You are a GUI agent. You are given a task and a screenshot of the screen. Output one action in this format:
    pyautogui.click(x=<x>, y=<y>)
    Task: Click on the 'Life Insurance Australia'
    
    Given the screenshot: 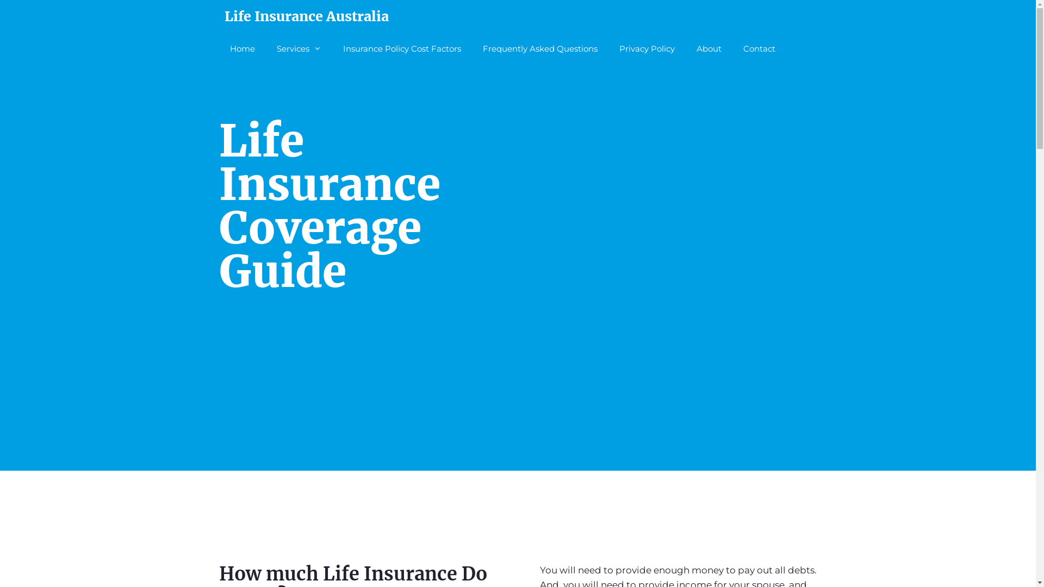 What is the action you would take?
    pyautogui.click(x=305, y=16)
    